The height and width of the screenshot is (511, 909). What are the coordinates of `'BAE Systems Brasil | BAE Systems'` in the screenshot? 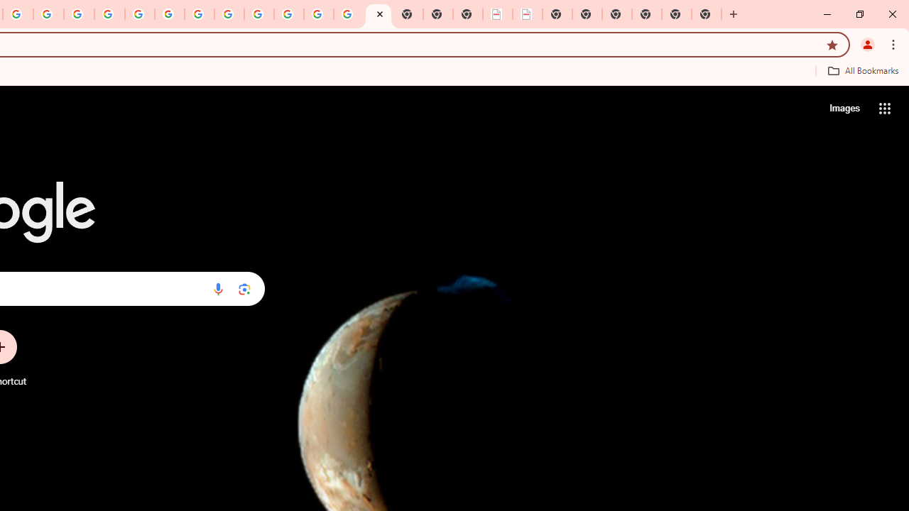 It's located at (527, 14).